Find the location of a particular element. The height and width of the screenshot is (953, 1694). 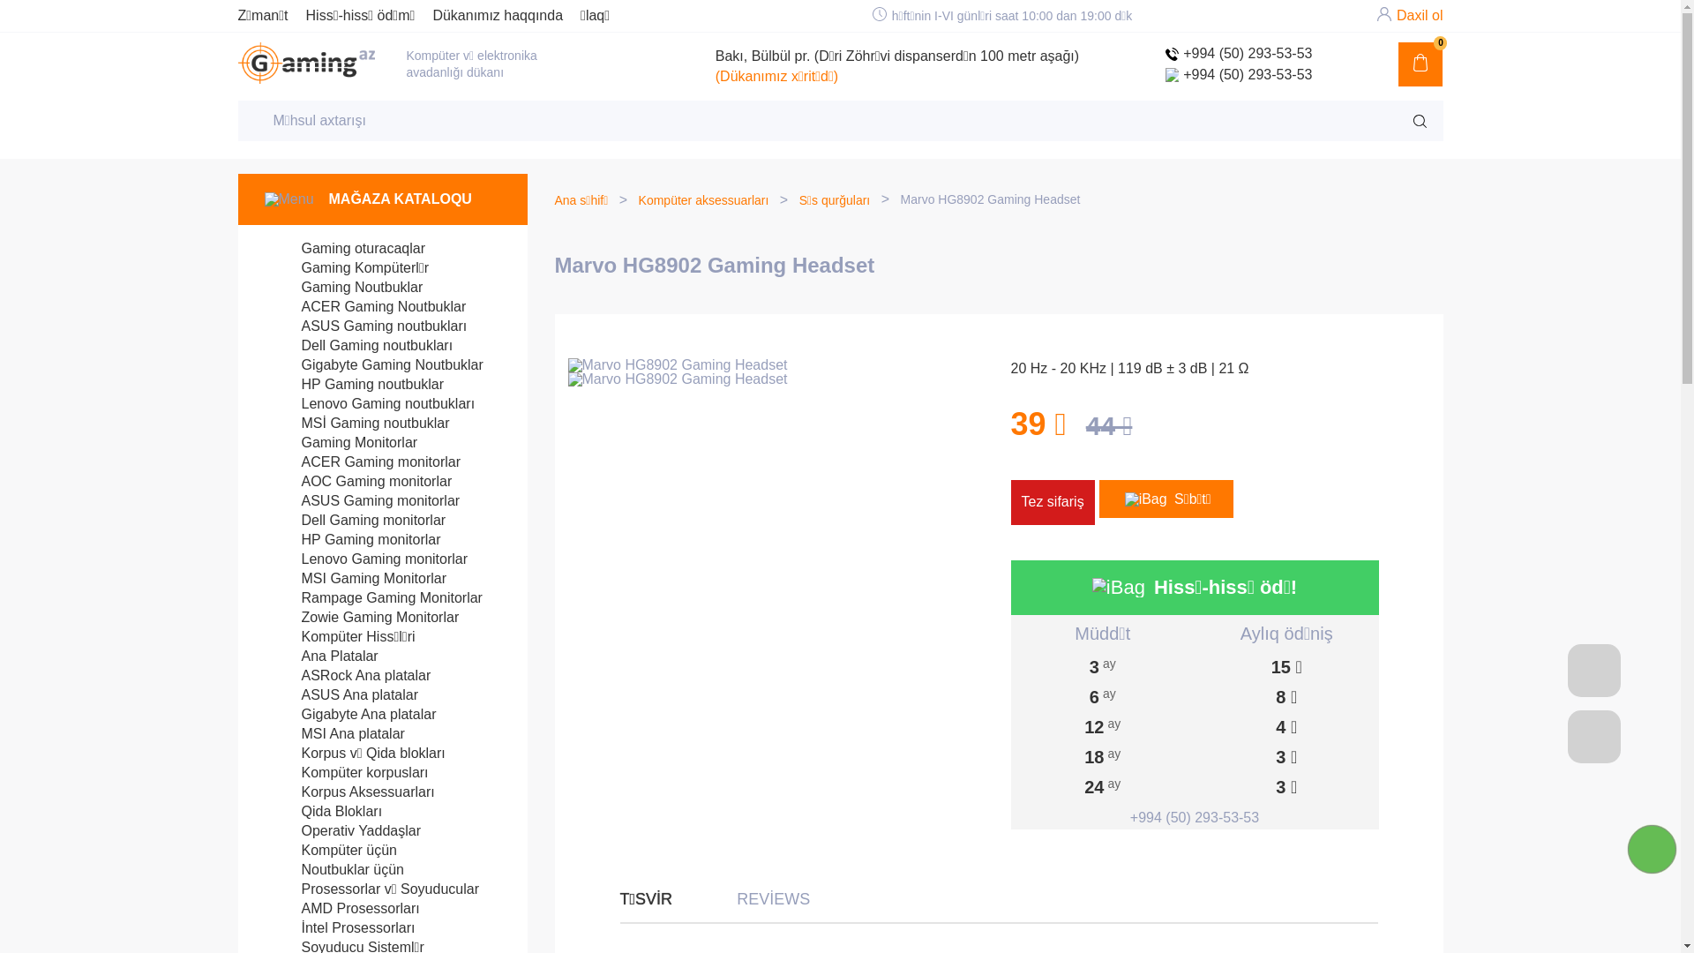

'Gigabyte Gaming Noutbuklar' is located at coordinates (372, 364).